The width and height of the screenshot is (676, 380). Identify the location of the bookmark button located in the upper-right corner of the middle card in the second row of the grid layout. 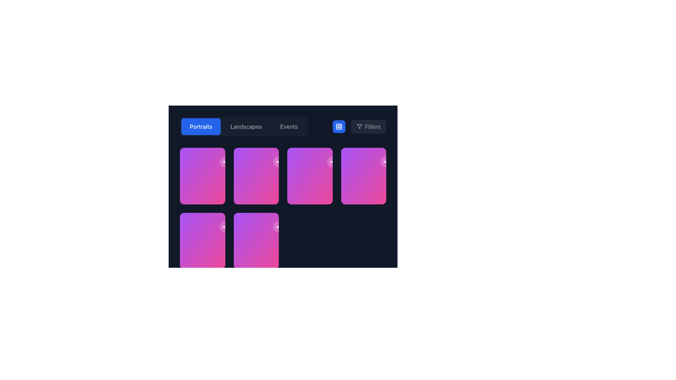
(290, 161).